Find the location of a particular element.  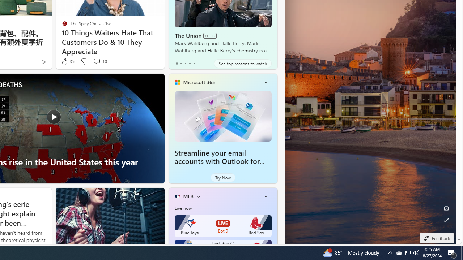

'View comments 10 Comment' is located at coordinates (100, 61).